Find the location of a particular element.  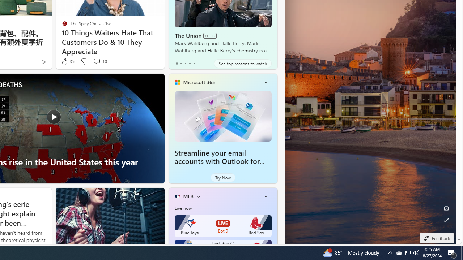

'View comments 10 Comment' is located at coordinates (100, 61).